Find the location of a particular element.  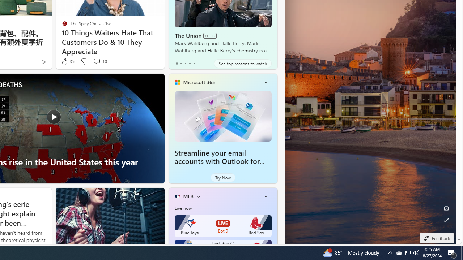

'View comments 10 Comment' is located at coordinates (100, 61).